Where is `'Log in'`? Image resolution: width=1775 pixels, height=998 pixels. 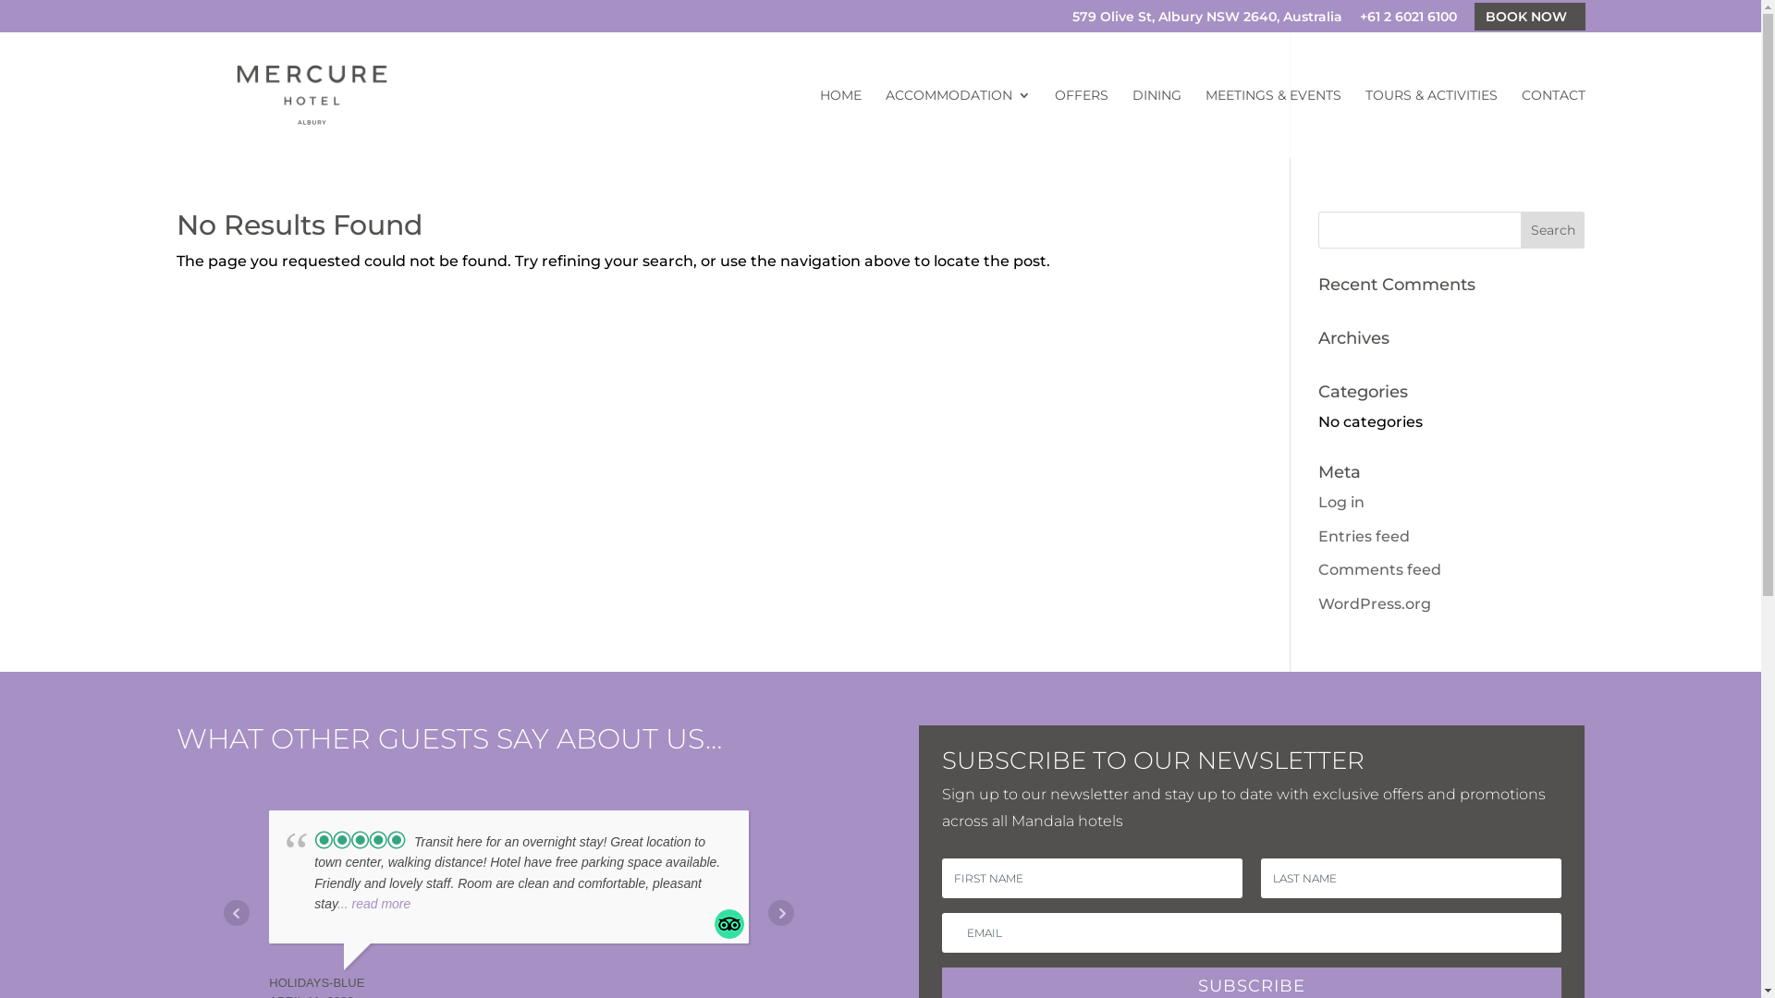 'Log in' is located at coordinates (1316, 502).